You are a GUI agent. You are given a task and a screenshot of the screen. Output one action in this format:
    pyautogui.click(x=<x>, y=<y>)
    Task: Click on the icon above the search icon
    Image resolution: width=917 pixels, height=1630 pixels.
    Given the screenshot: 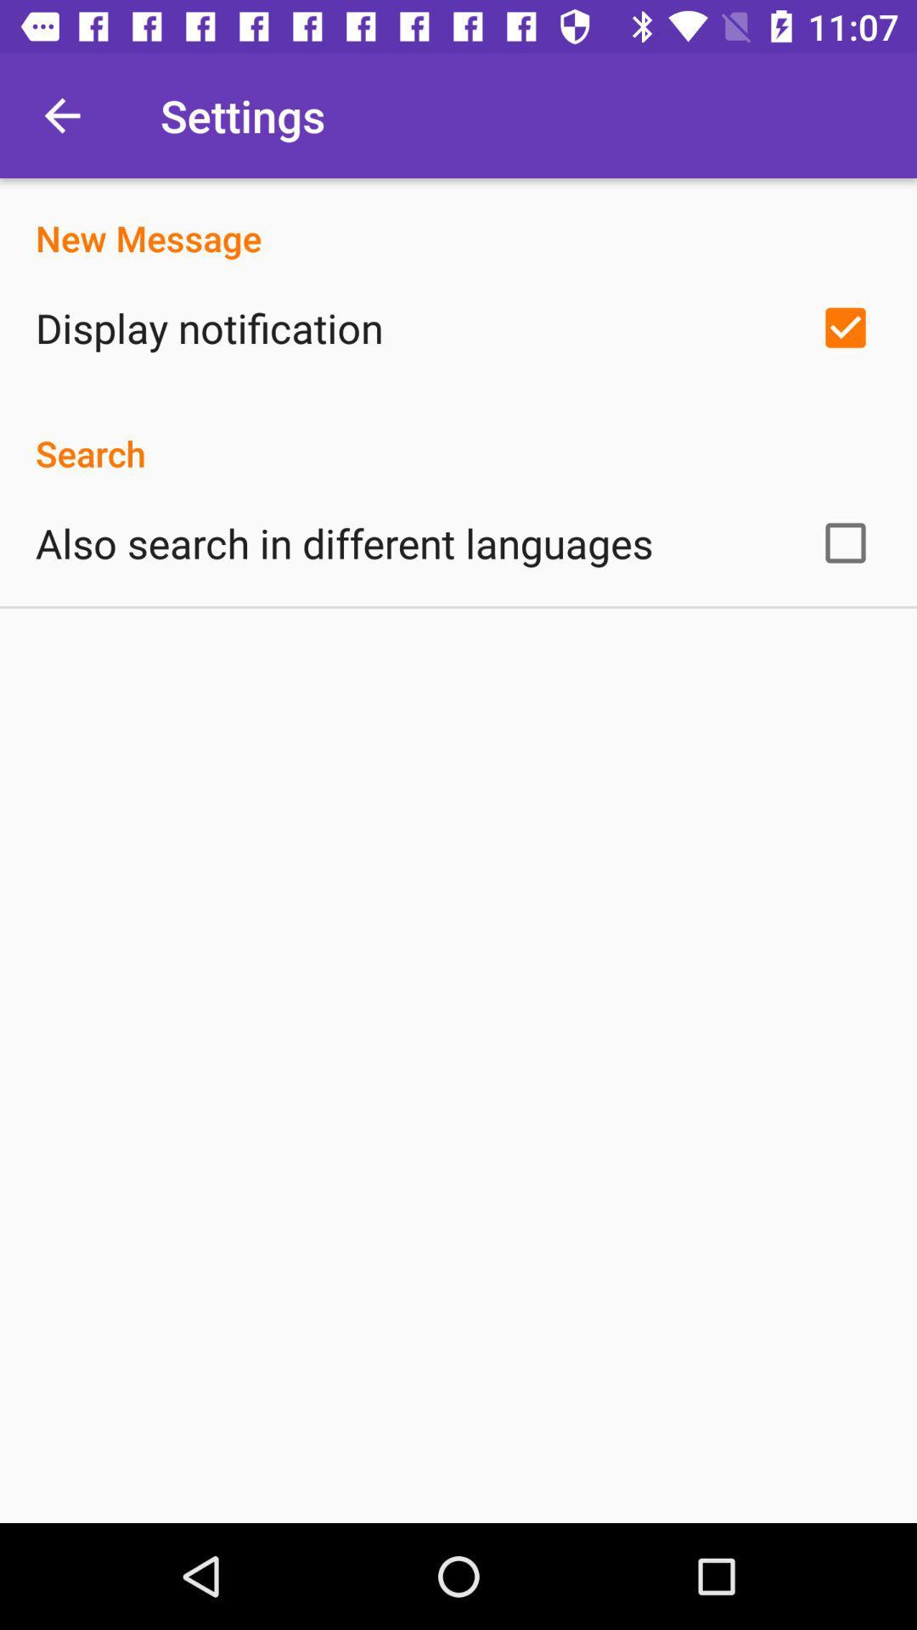 What is the action you would take?
    pyautogui.click(x=208, y=328)
    